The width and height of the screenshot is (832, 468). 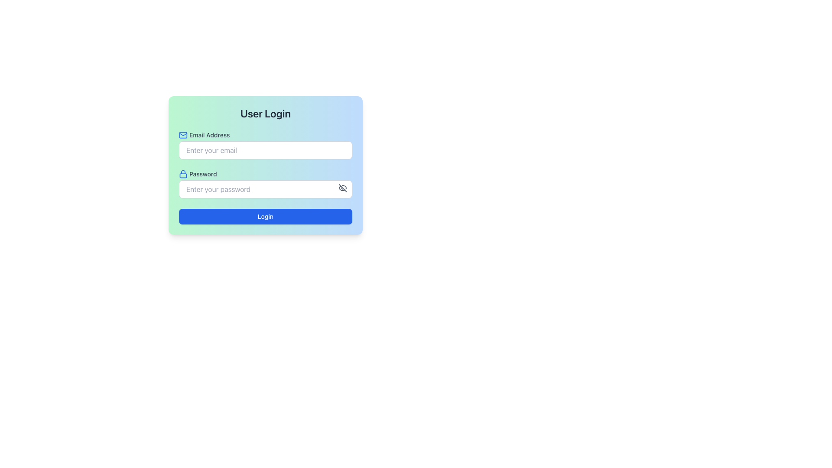 I want to click on the SVG rectangle embedded in the envelope icon within the login form, which is part of the email address input area, so click(x=182, y=135).